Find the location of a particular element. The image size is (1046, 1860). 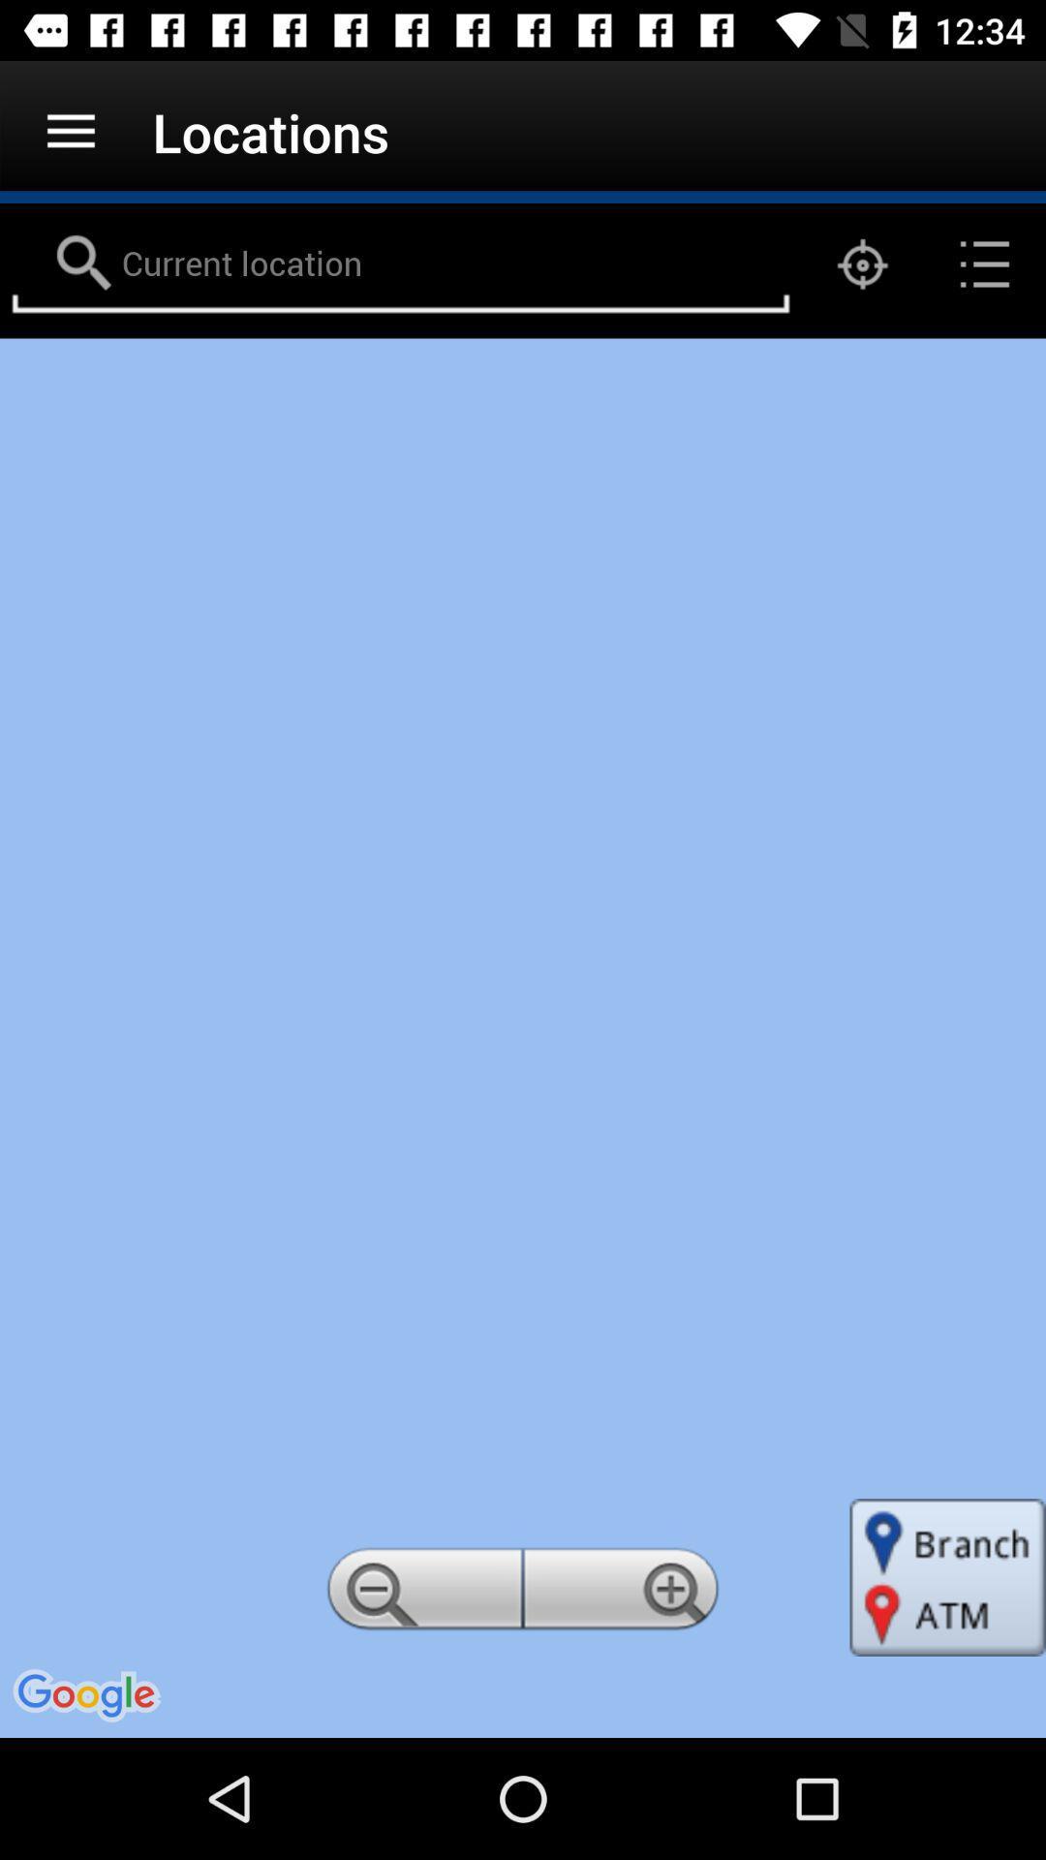

icon to the left of locations app is located at coordinates (70, 131).